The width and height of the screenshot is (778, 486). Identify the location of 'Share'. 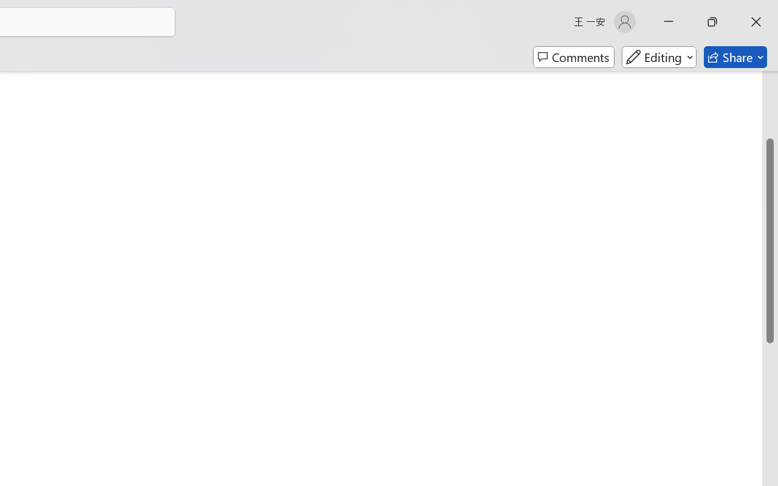
(735, 57).